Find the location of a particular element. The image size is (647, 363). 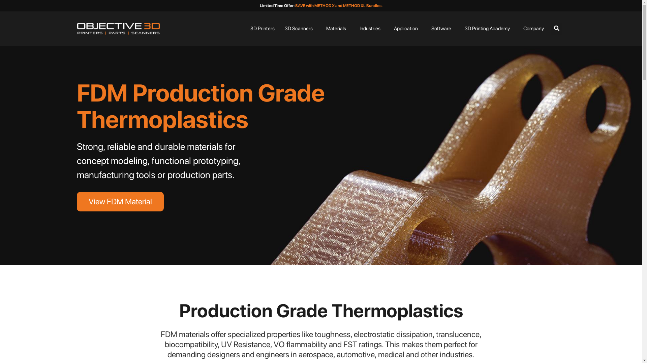

'View FDM Material' is located at coordinates (76, 201).